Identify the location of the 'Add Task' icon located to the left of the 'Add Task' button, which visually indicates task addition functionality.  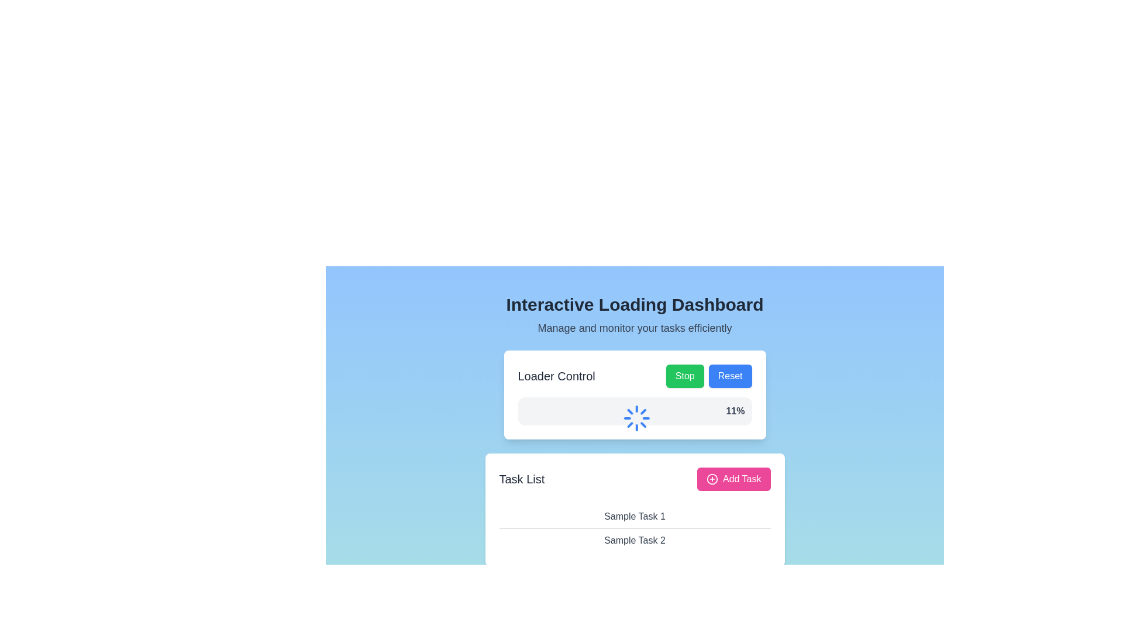
(712, 479).